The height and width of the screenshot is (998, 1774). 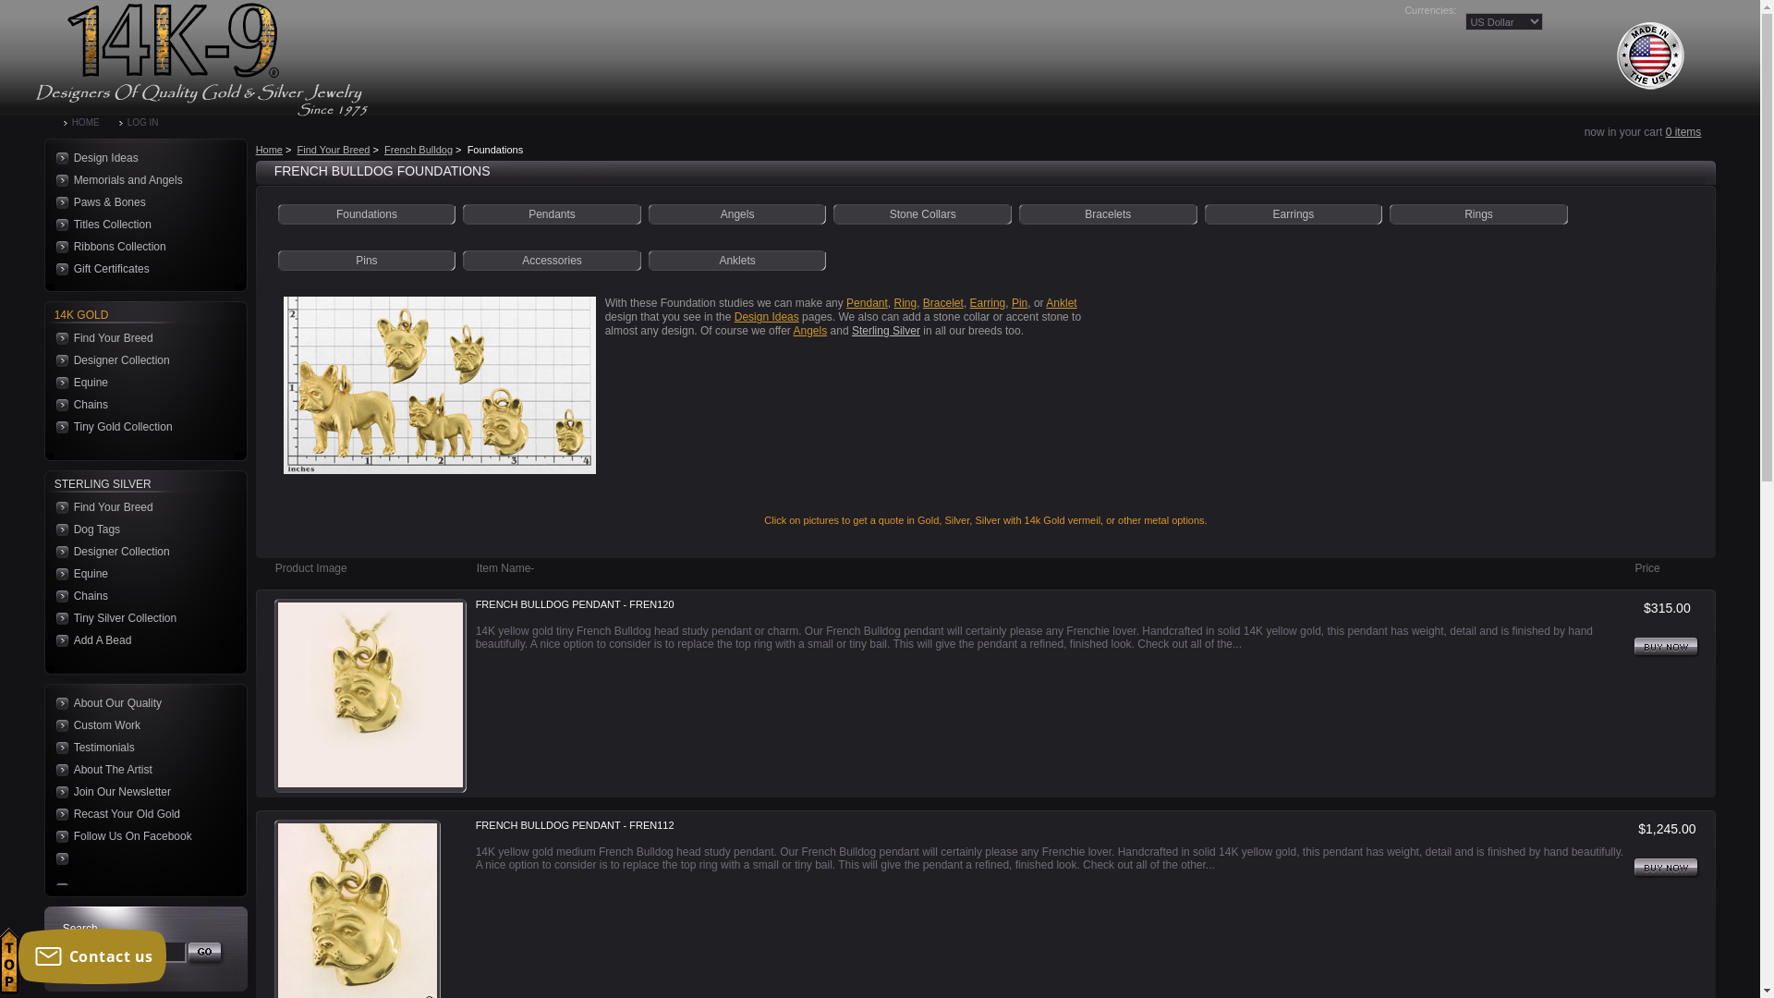 I want to click on 'Tiny Gold Collection', so click(x=140, y=427).